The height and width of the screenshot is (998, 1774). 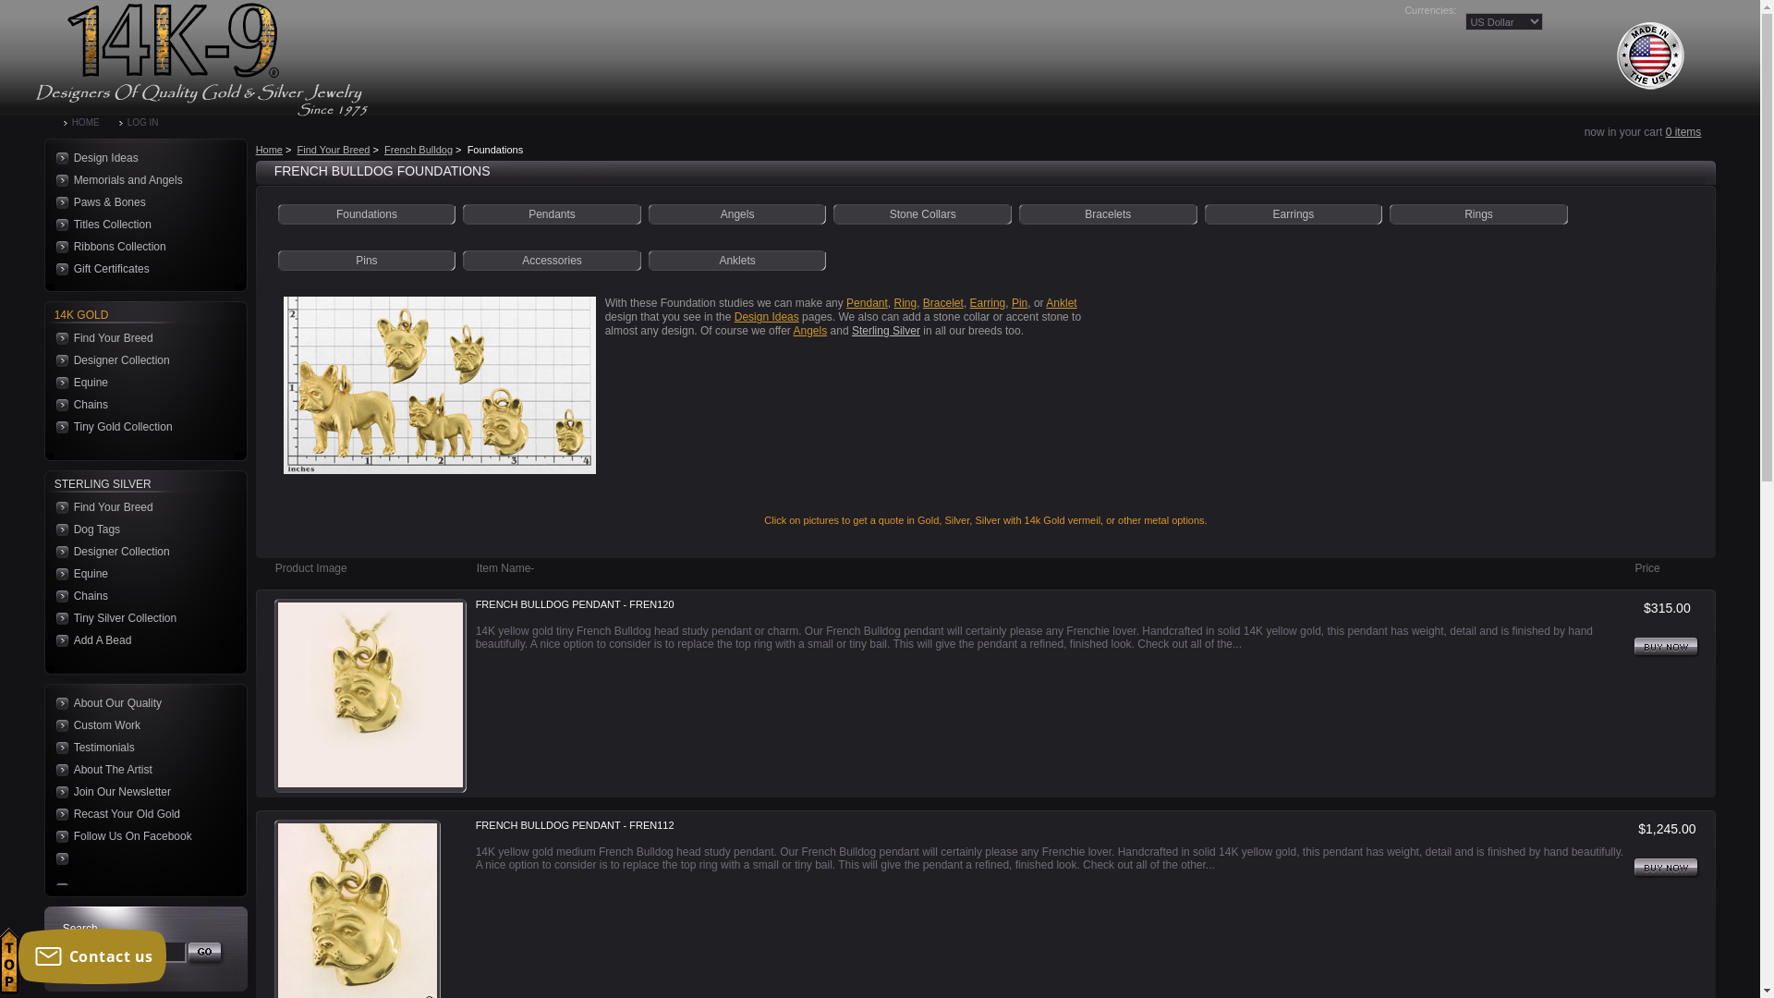 I want to click on 'Tiny Gold Collection', so click(x=140, y=427).